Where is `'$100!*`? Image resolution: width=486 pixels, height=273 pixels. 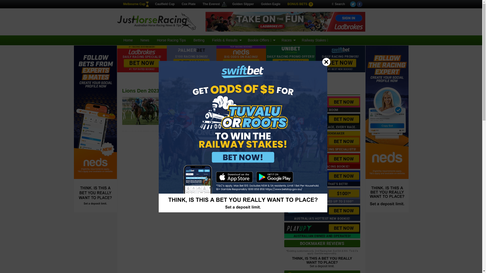
'$100!* is located at coordinates (322, 195).